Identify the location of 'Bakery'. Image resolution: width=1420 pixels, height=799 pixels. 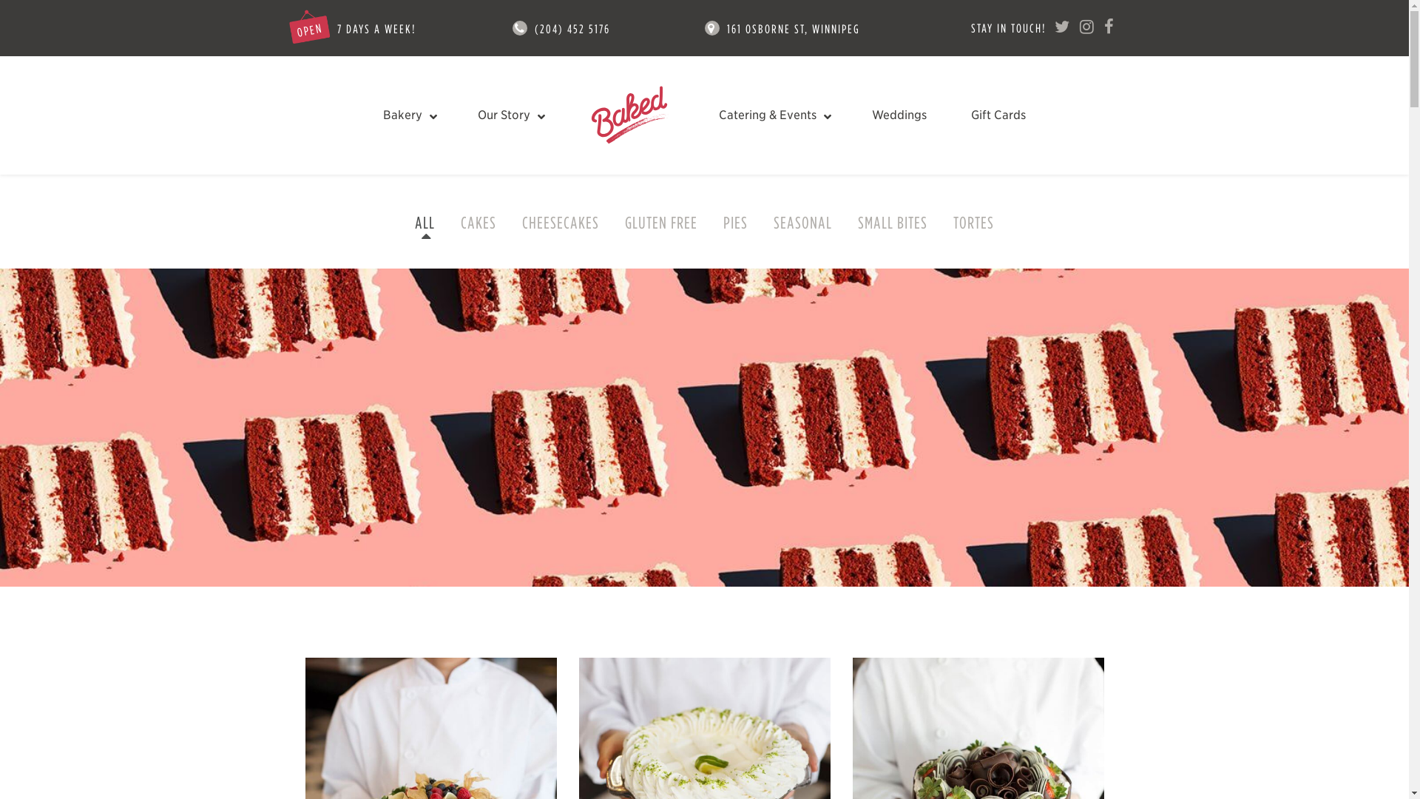
(408, 114).